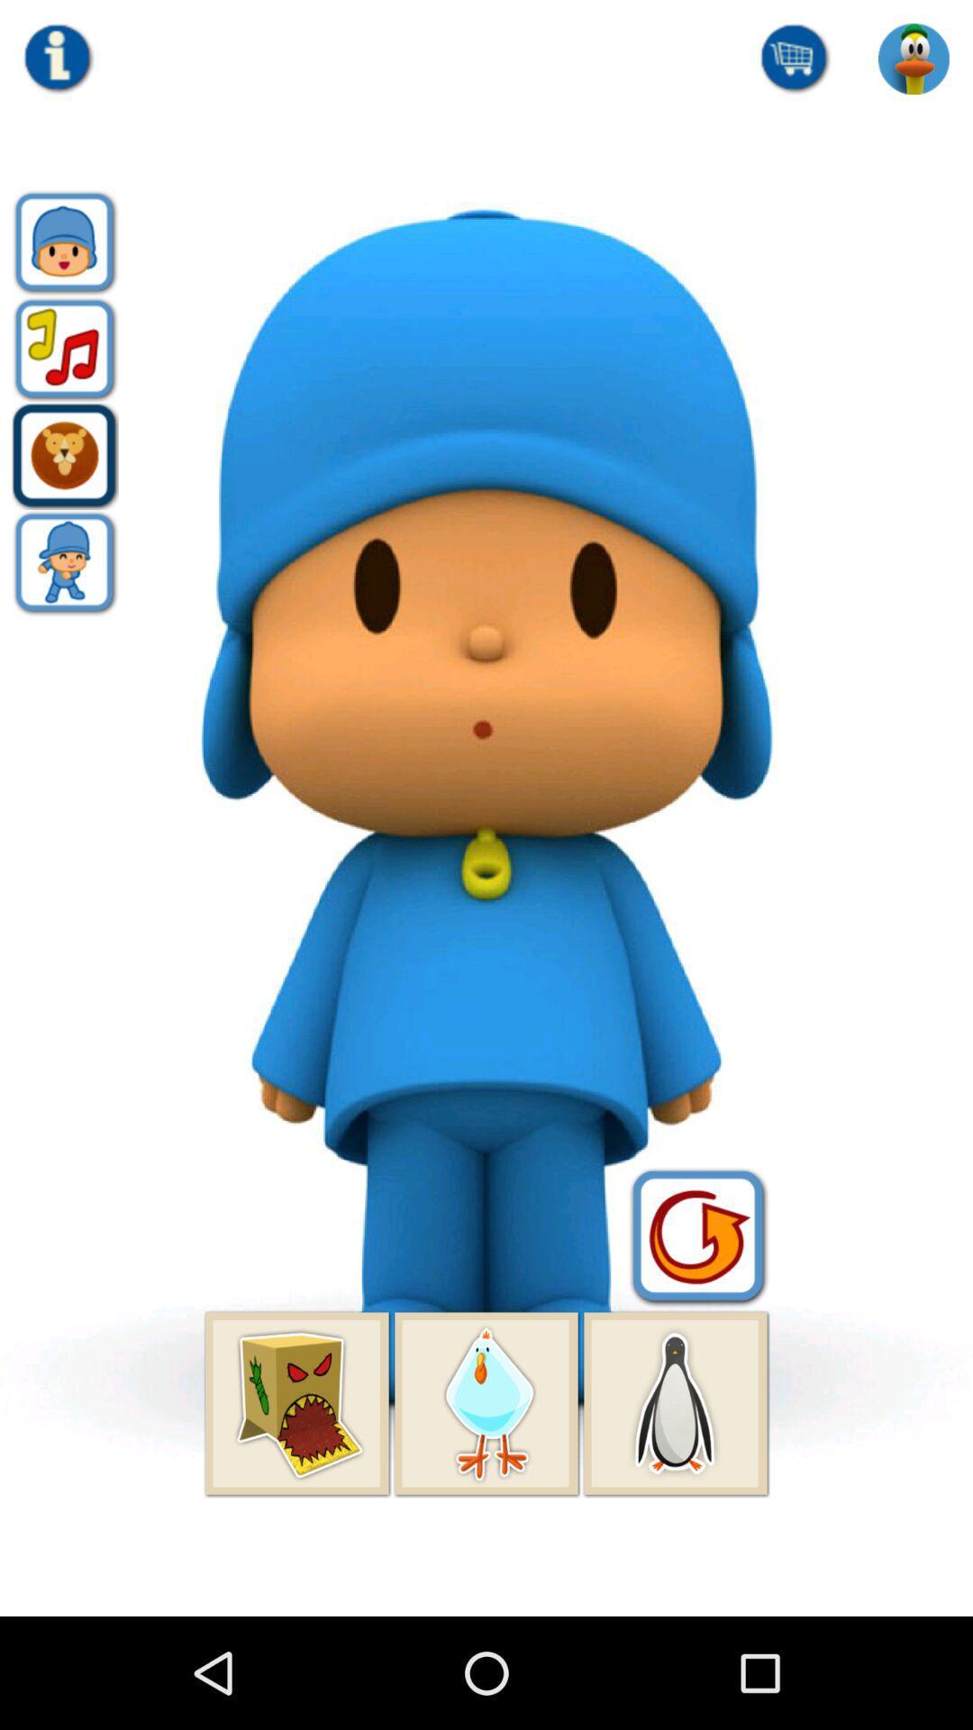 Image resolution: width=973 pixels, height=1730 pixels. Describe the element at coordinates (58, 63) in the screenshot. I see `the info icon` at that location.